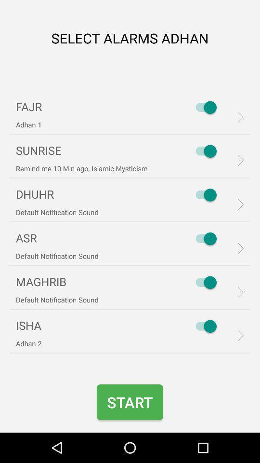 The width and height of the screenshot is (260, 463). Describe the element at coordinates (203, 282) in the screenshot. I see `notification sound` at that location.